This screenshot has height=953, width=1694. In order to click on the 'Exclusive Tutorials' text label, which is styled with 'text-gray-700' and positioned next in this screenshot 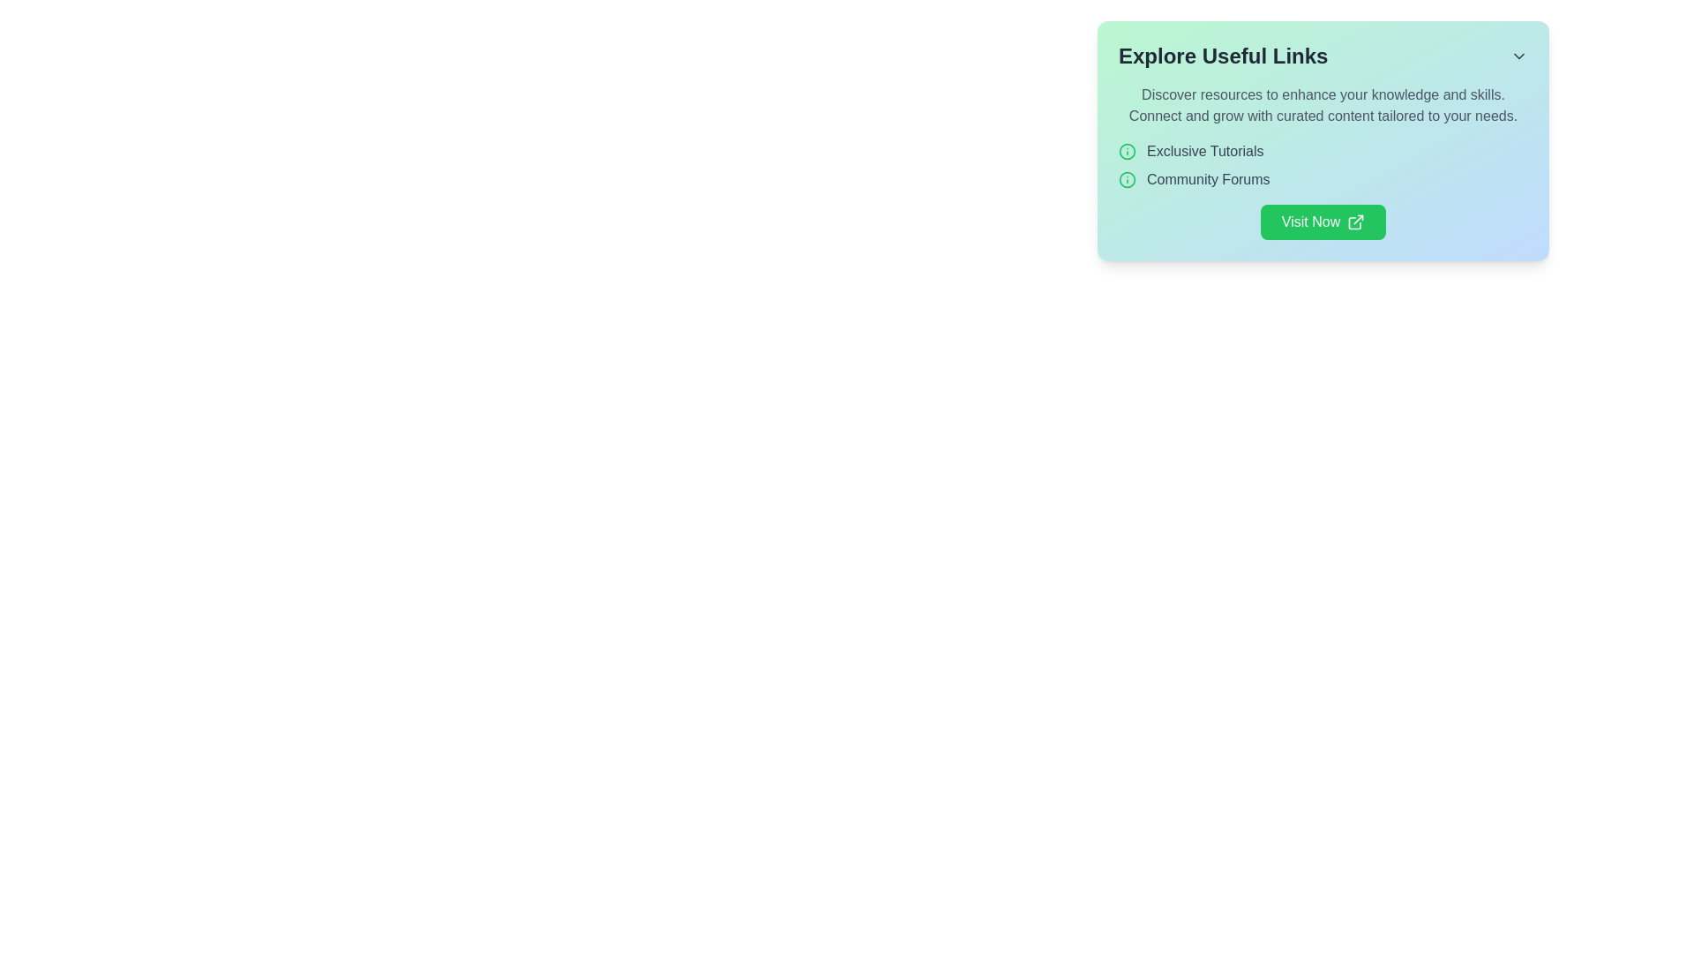, I will do `click(1204, 151)`.